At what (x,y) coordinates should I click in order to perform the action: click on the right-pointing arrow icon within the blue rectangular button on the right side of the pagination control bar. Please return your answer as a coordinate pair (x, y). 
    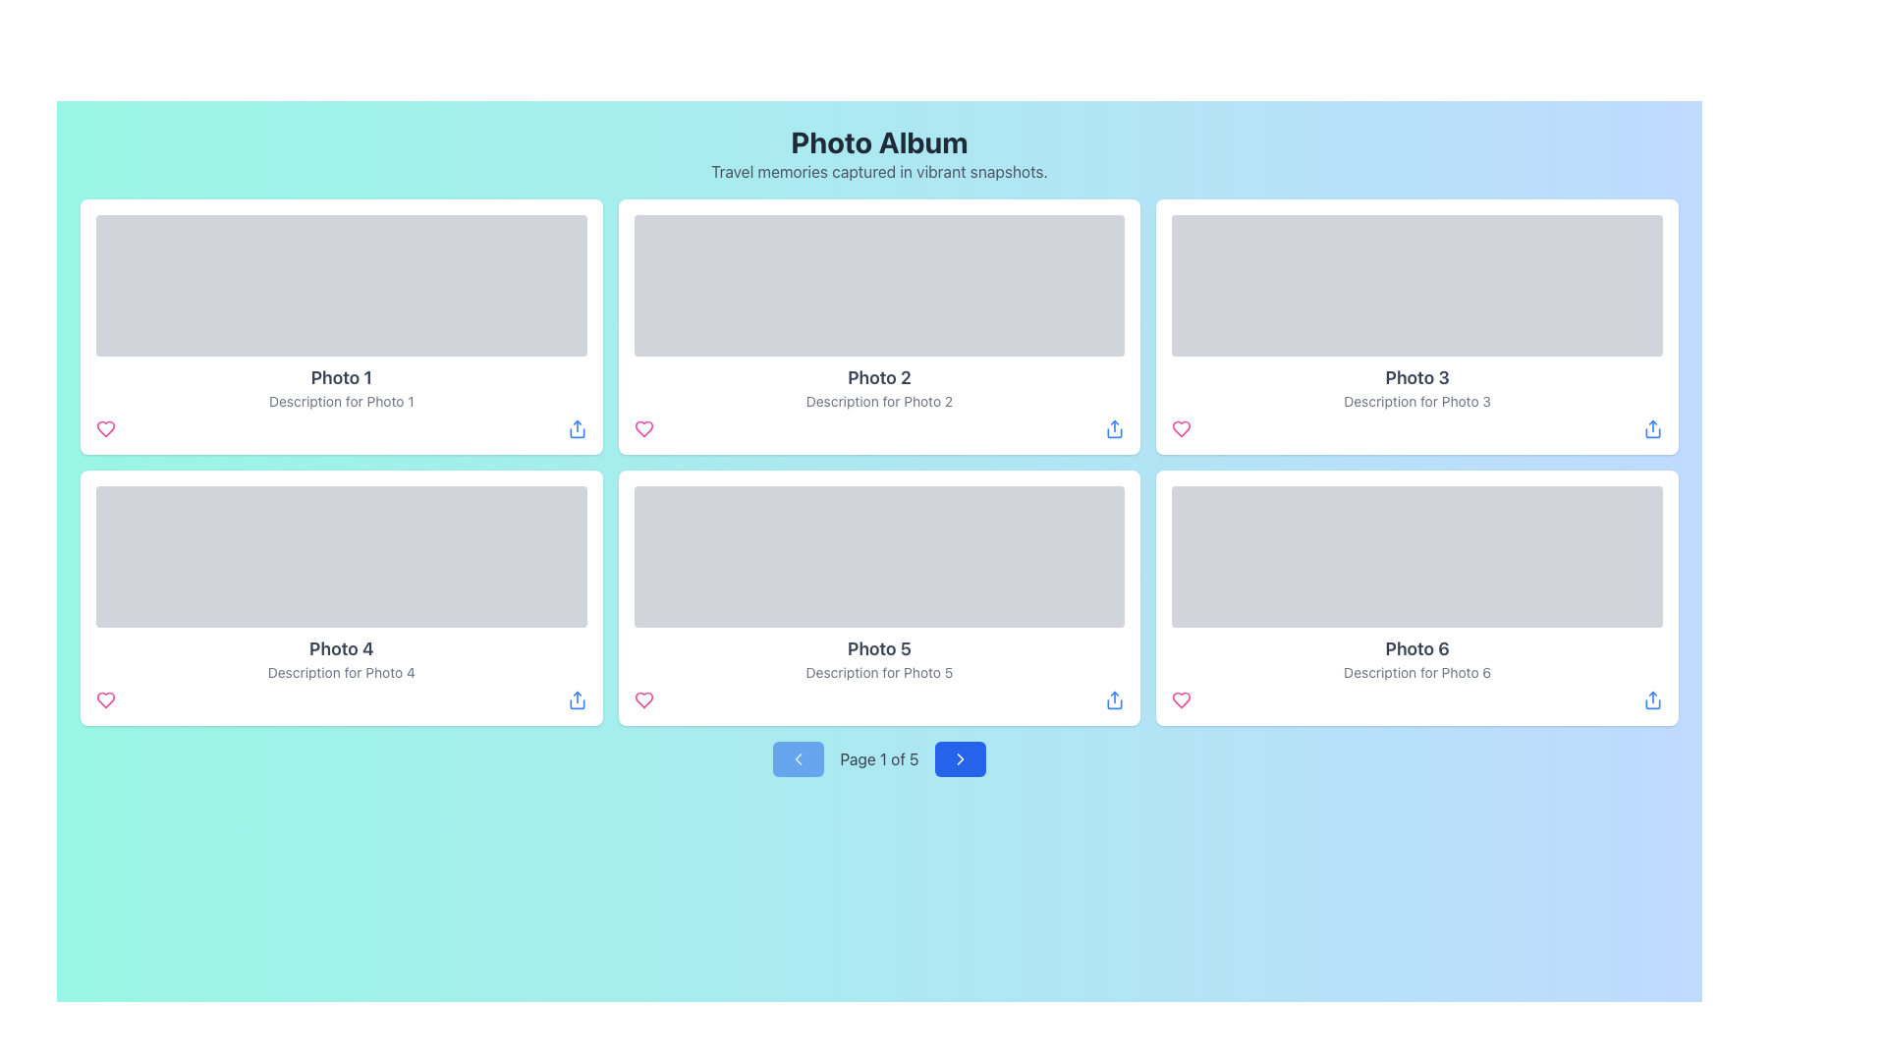
    Looking at the image, I should click on (960, 757).